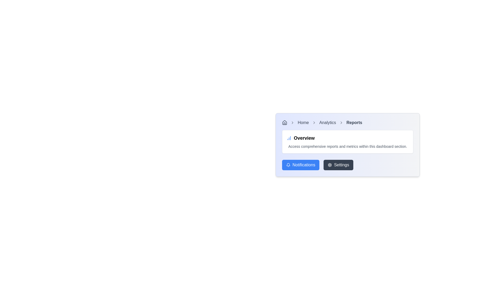 This screenshot has height=282, width=501. I want to click on the bell-shaped icon that represents the notification symbol, located to the left of the notification text button near the bottom of the visible panel, so click(288, 164).